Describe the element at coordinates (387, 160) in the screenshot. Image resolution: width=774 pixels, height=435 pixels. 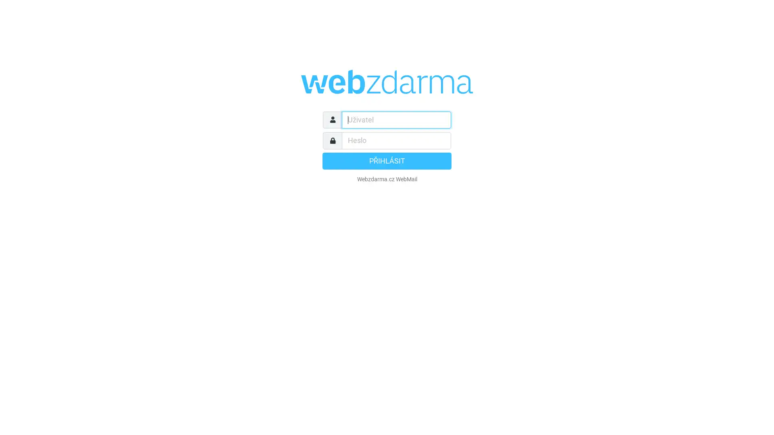
I see `PRIHLASIT` at that location.